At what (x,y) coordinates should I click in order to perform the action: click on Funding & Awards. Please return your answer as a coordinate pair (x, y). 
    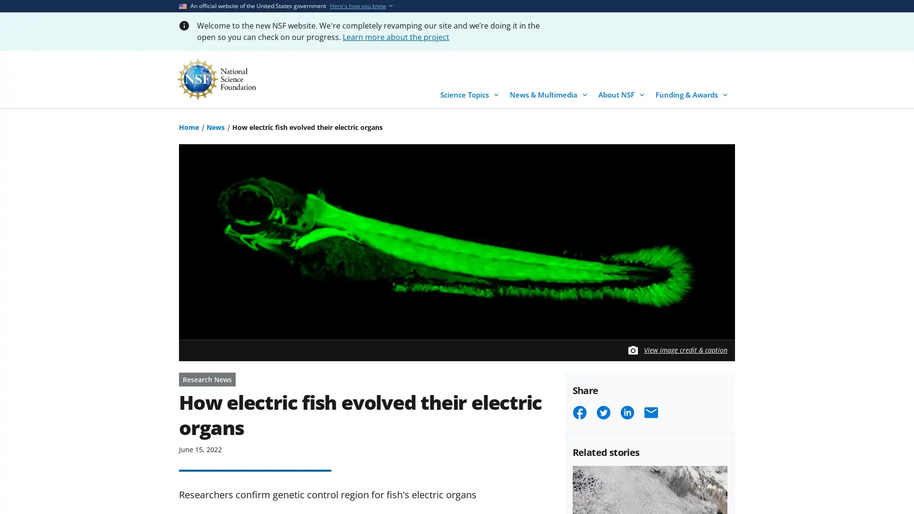
    Looking at the image, I should click on (693, 92).